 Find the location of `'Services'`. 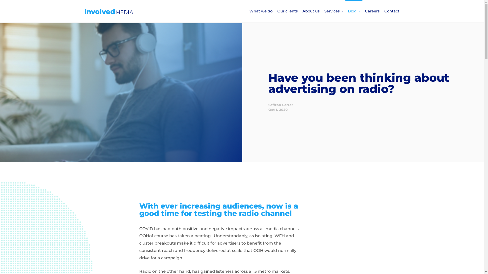

'Services' is located at coordinates (334, 11).